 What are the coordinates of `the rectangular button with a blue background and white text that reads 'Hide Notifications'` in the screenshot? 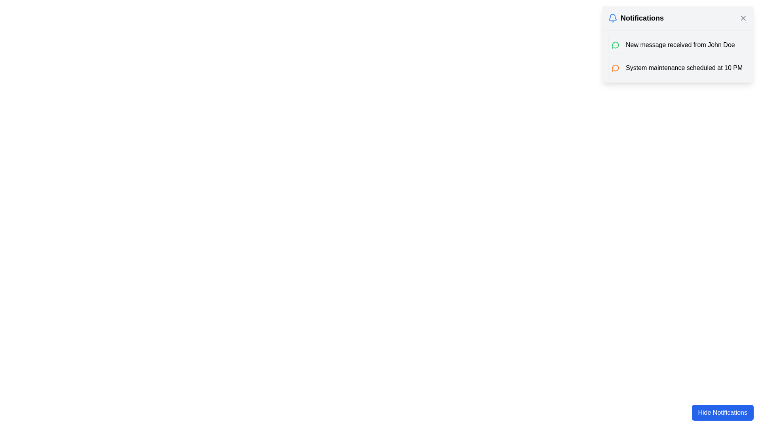 It's located at (722, 412).